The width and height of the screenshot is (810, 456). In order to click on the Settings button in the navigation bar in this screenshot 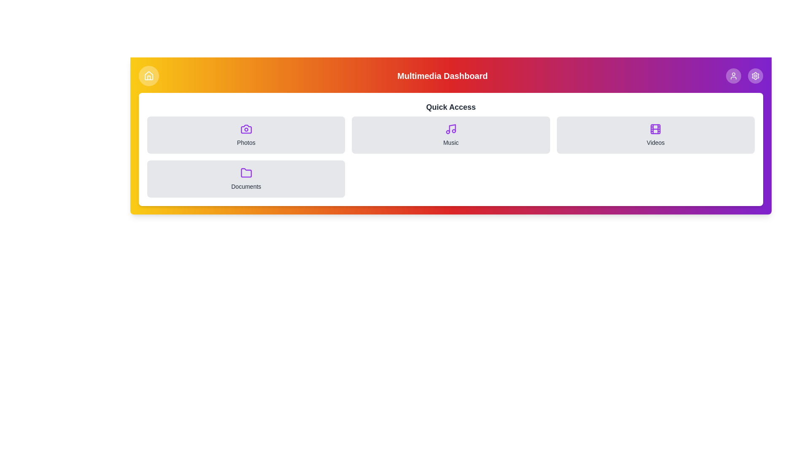, I will do `click(755, 76)`.